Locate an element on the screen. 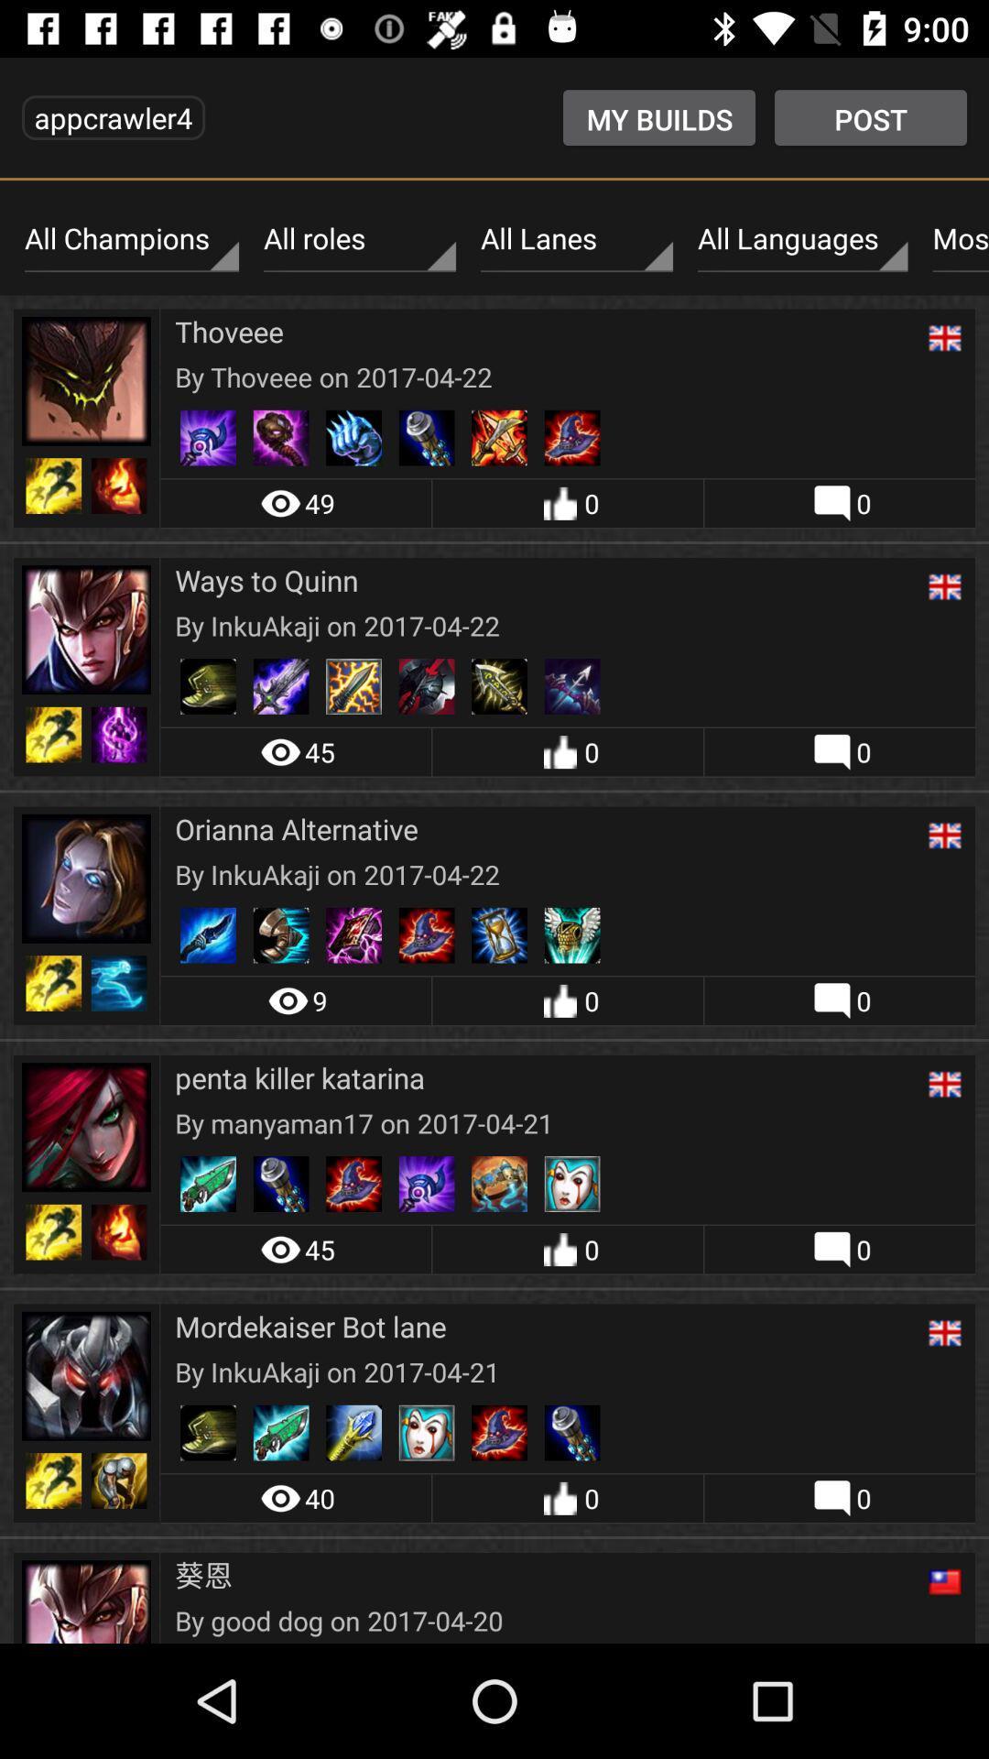 This screenshot has width=989, height=1759. all languages icon is located at coordinates (801, 238).